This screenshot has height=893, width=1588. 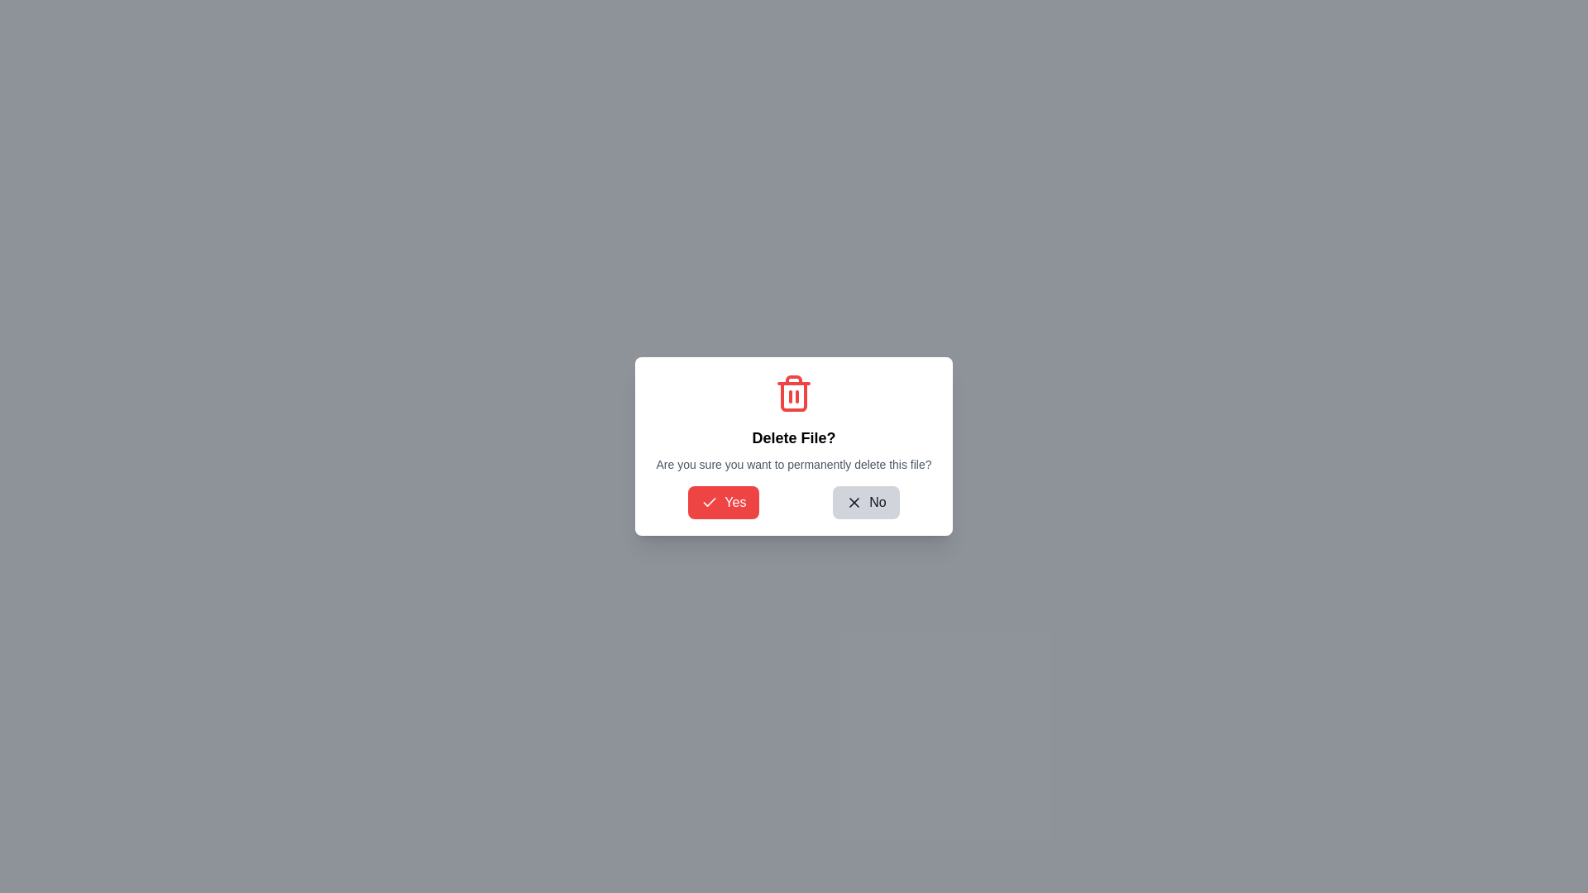 What do you see at coordinates (854, 502) in the screenshot?
I see `the 'No' button icon, which visually represents the negative confirmation action within the confirmation dialog` at bounding box center [854, 502].